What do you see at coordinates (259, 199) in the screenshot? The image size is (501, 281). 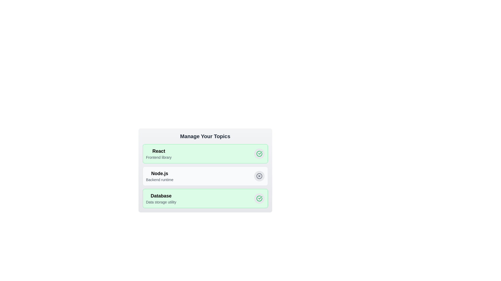 I see `the tag labeled Database` at bounding box center [259, 199].